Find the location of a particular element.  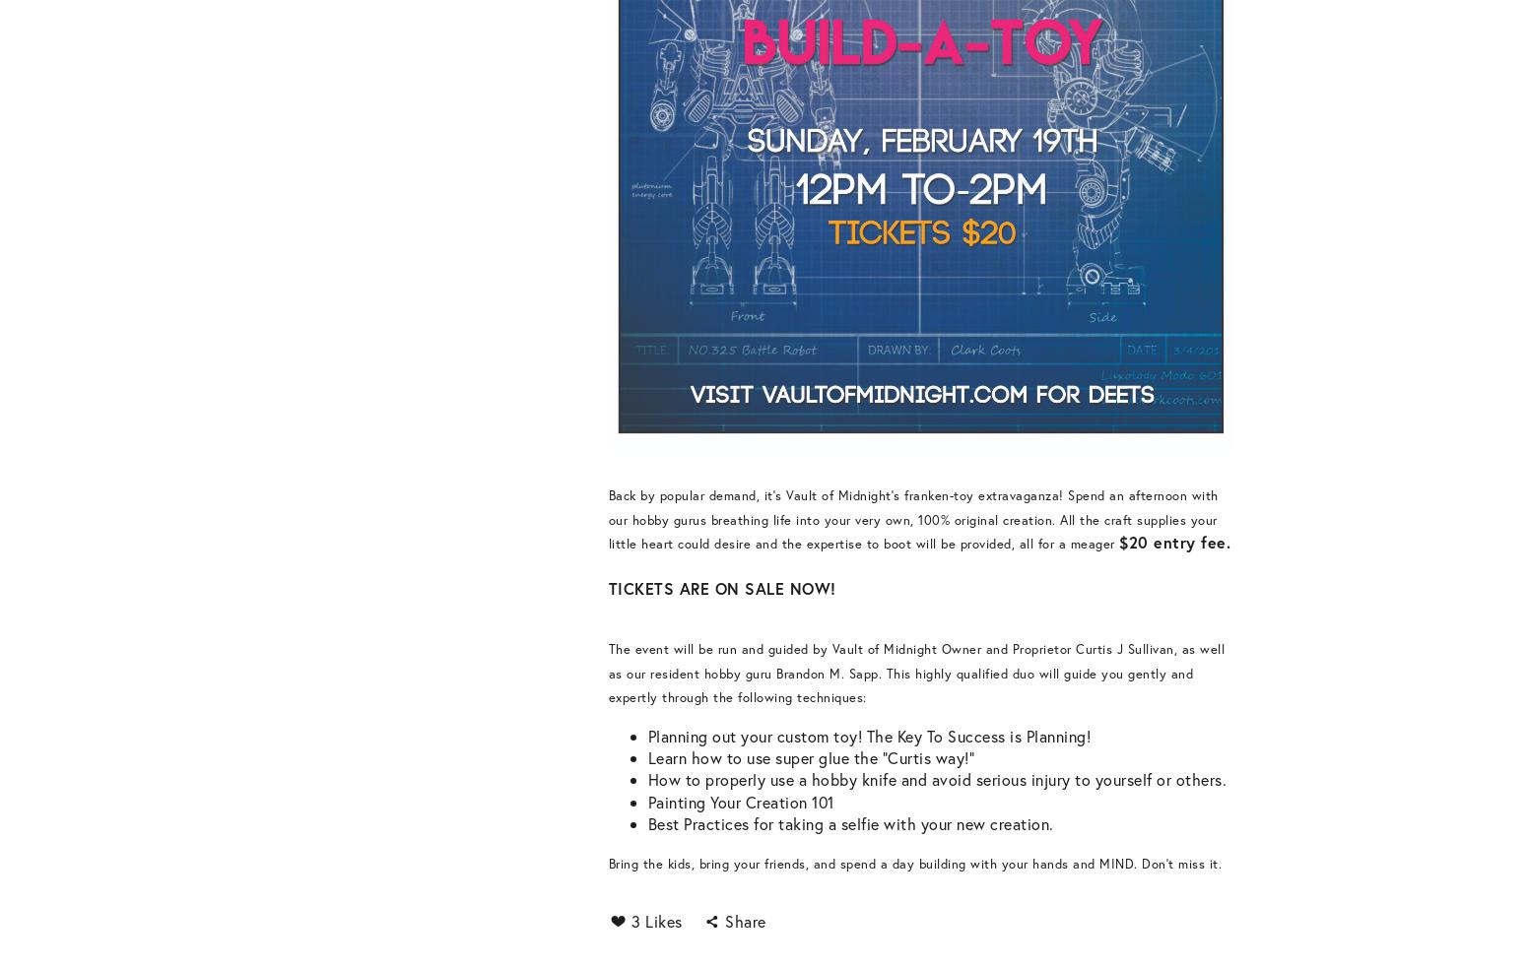

'$20 entry fee.' is located at coordinates (1174, 541).